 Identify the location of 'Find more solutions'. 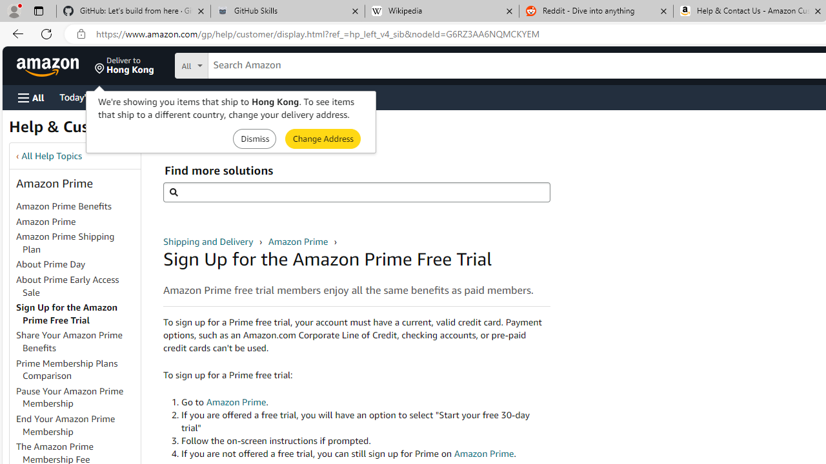
(356, 192).